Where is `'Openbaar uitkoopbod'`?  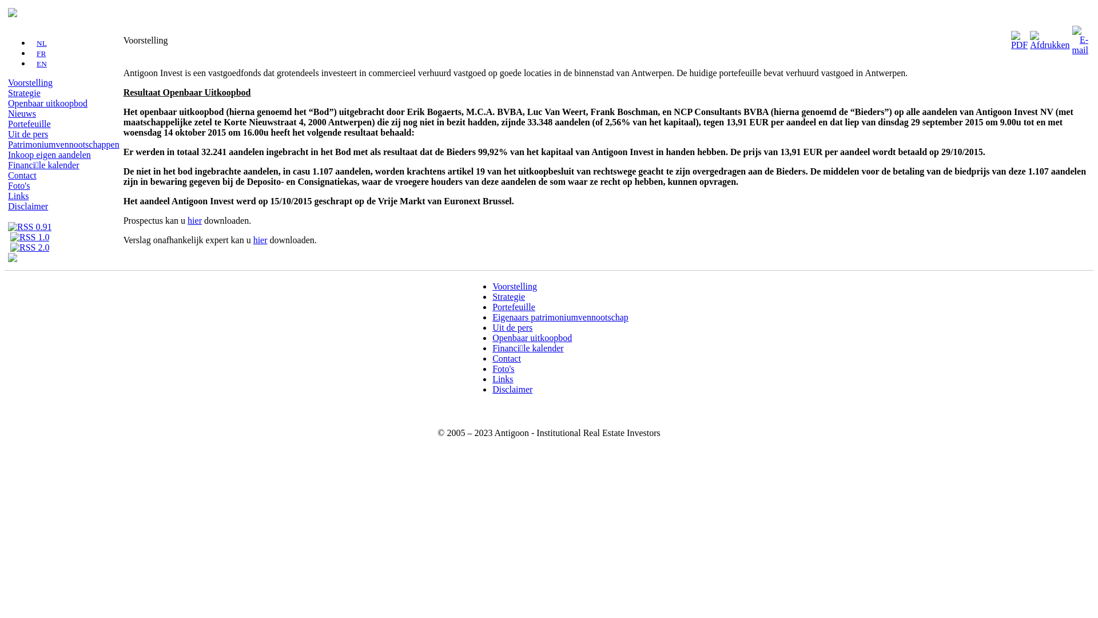 'Openbaar uitkoopbod' is located at coordinates (531, 337).